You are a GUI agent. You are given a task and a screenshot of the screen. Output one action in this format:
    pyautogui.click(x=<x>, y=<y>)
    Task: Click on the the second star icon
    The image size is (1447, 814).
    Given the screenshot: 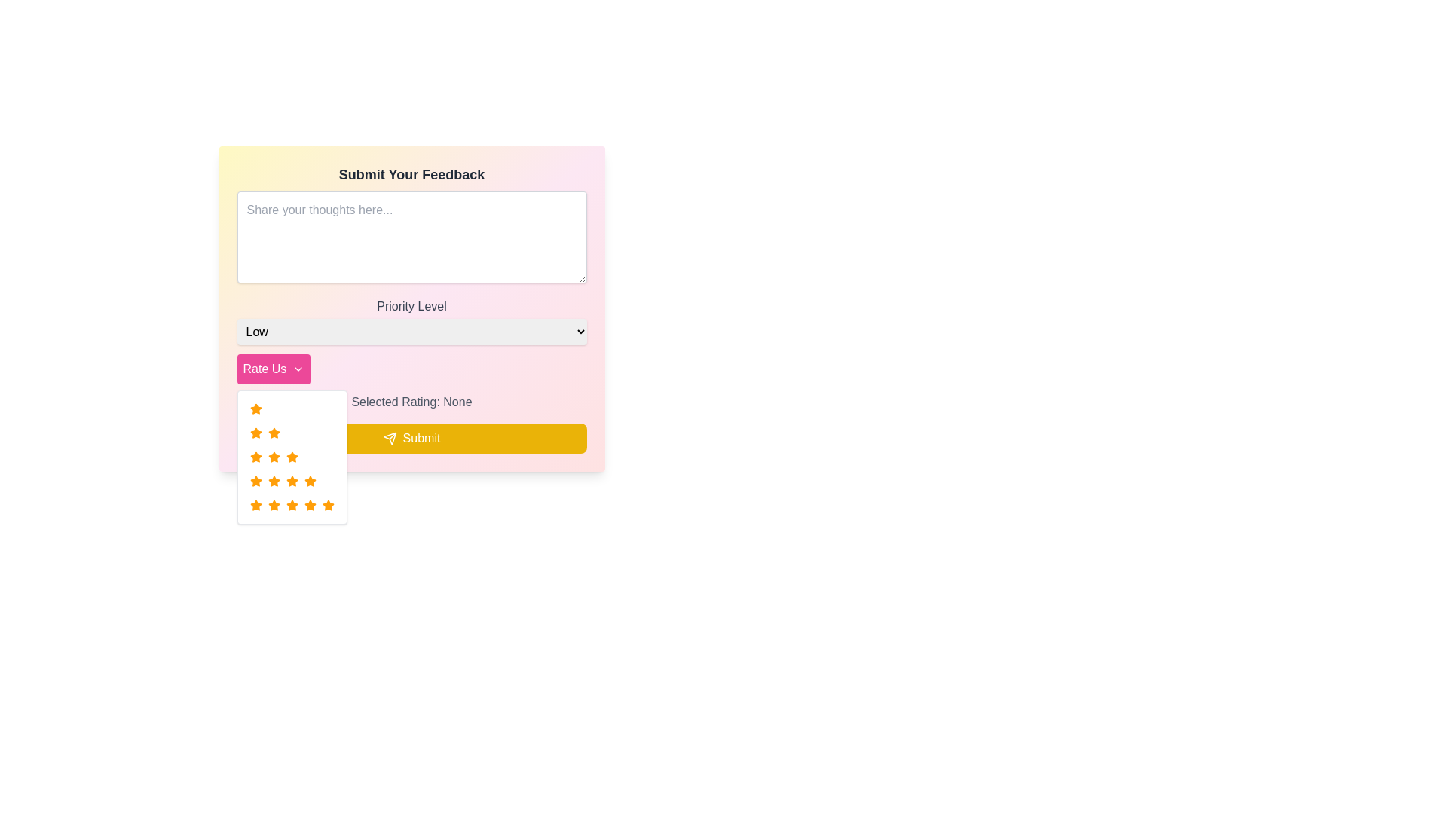 What is the action you would take?
    pyautogui.click(x=274, y=433)
    